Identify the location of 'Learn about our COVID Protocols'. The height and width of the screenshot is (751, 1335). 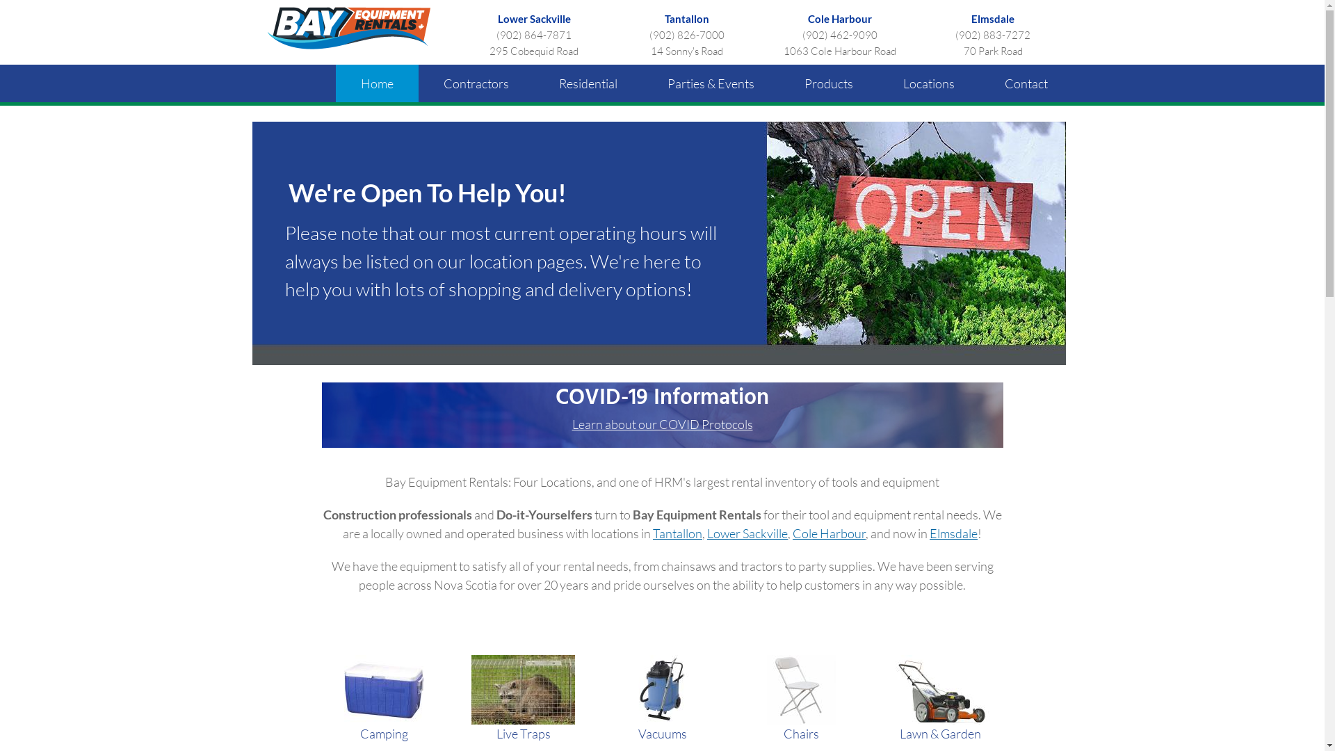
(661, 423).